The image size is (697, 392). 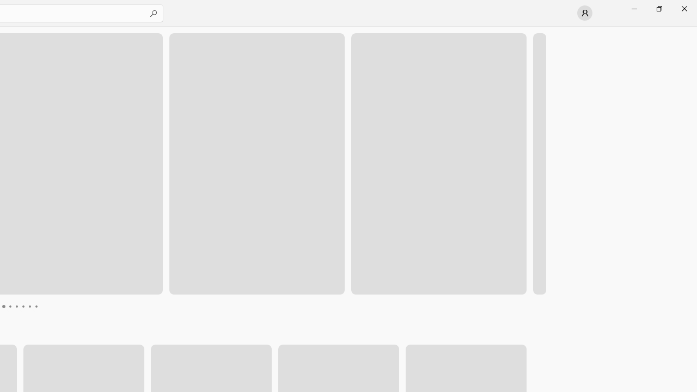 I want to click on 'Restore Microsoft Store', so click(x=658, y=8).